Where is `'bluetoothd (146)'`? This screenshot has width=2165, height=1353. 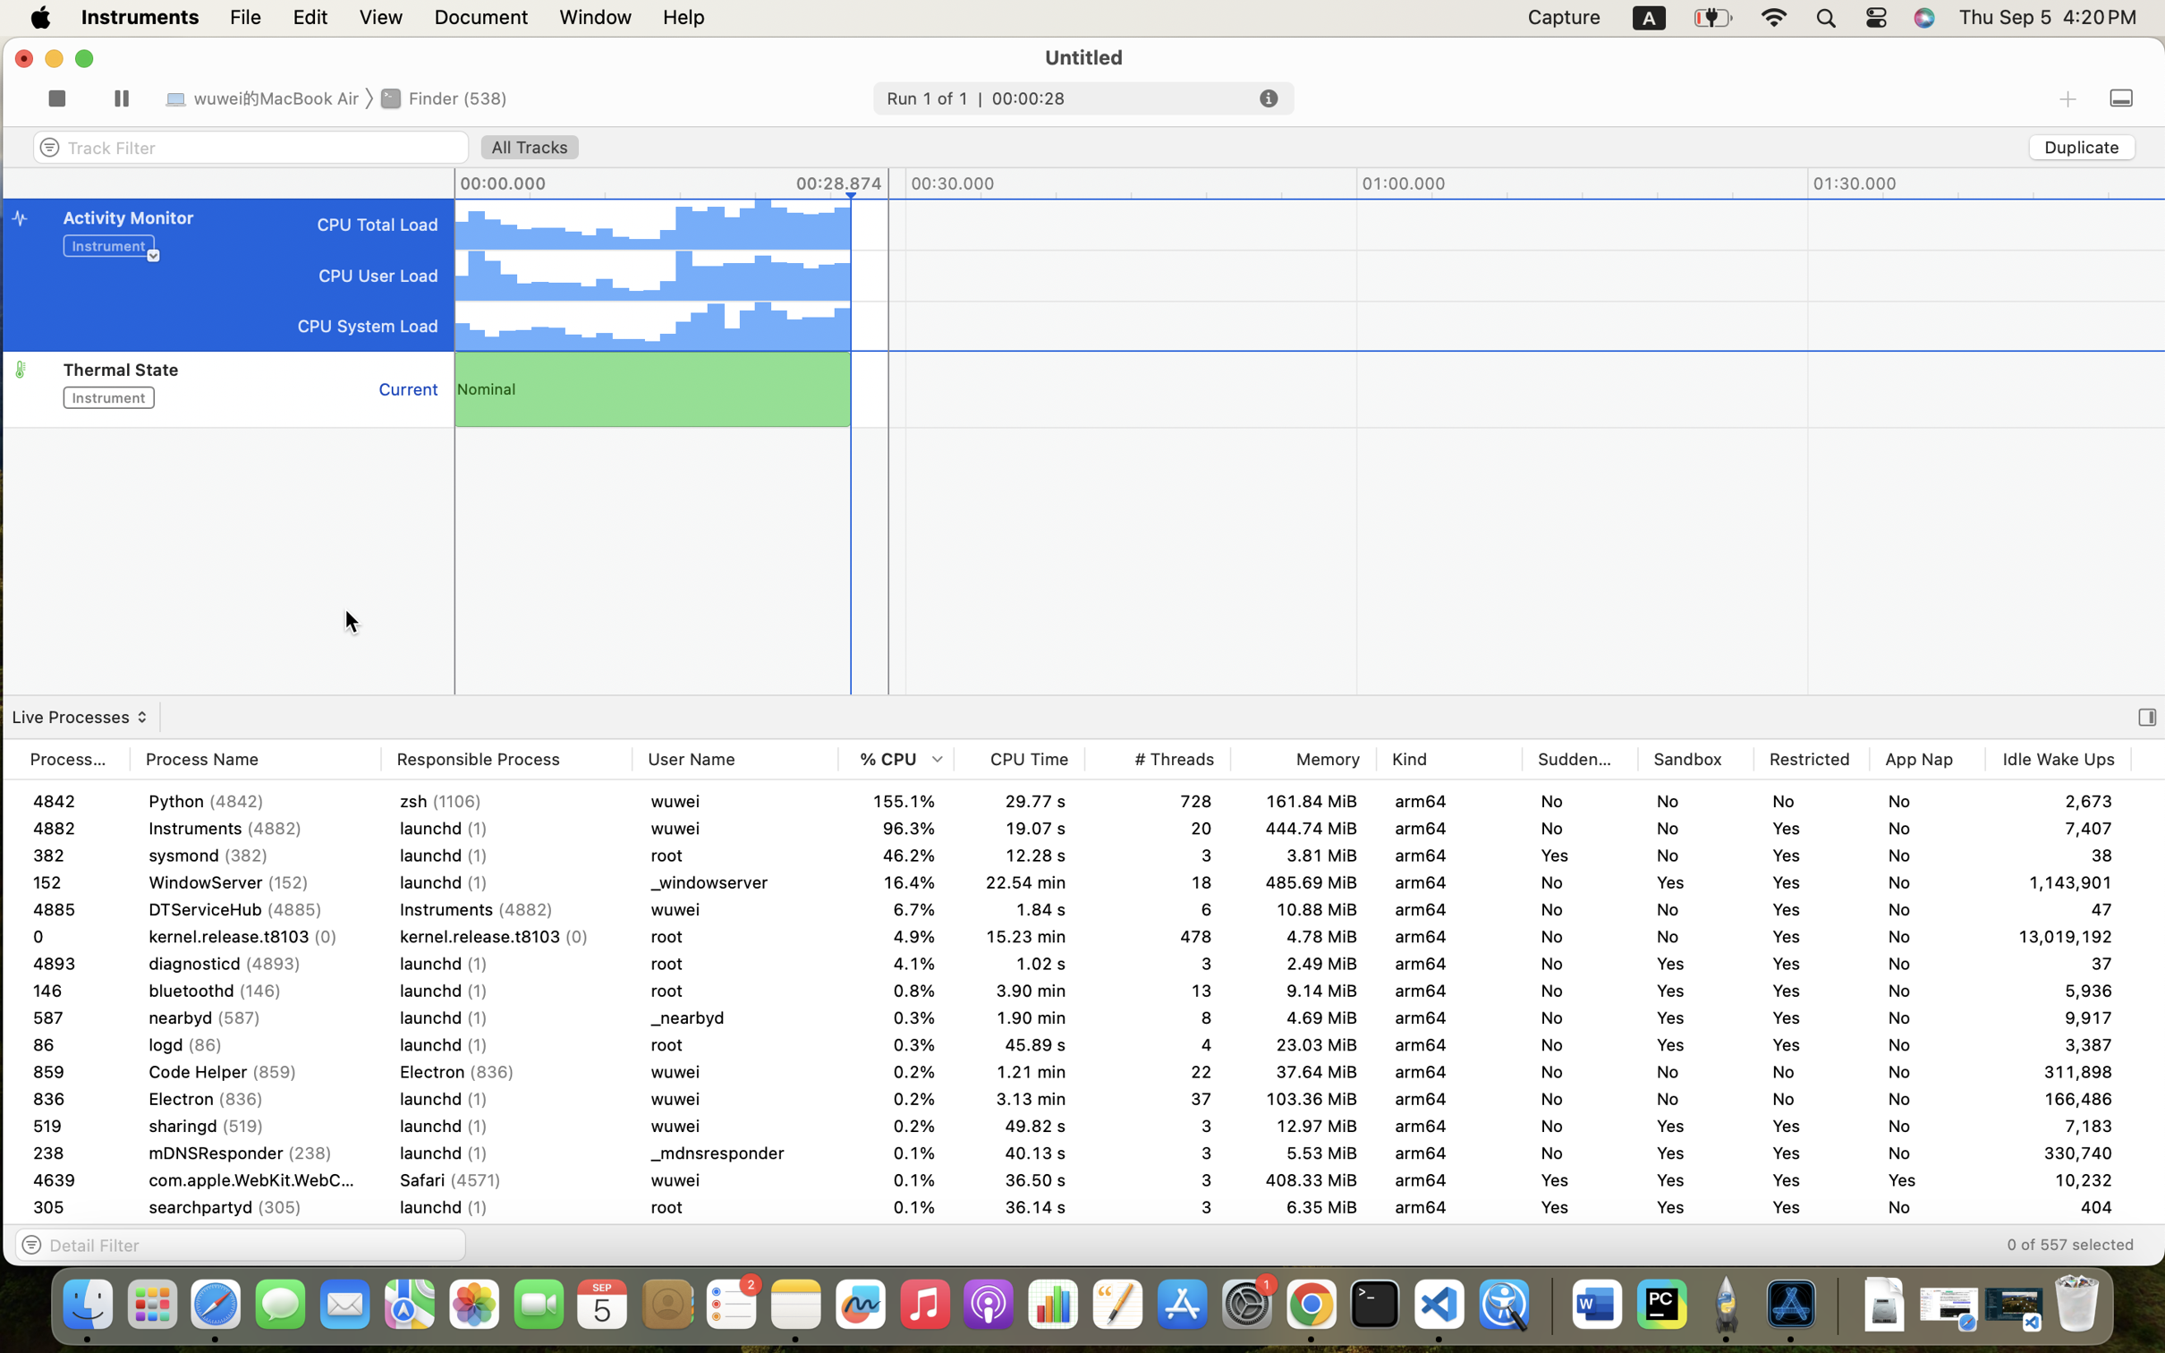 'bluetoothd (146)' is located at coordinates (255, 989).